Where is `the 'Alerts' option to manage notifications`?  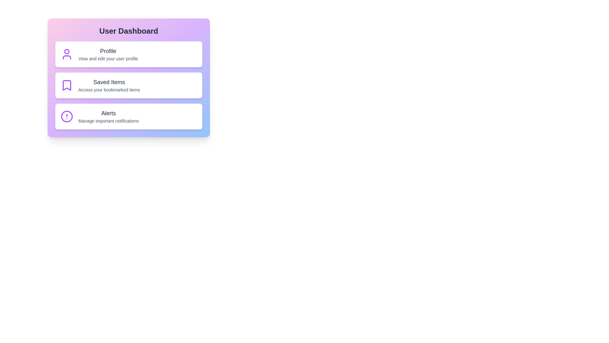 the 'Alerts' option to manage notifications is located at coordinates (128, 116).